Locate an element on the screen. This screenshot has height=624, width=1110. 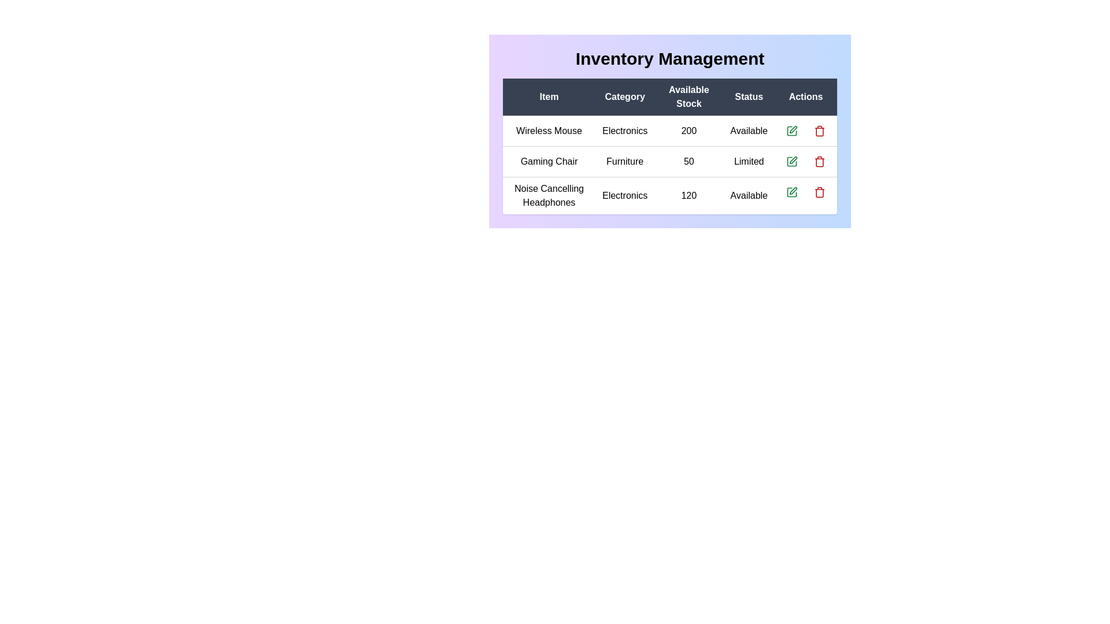
delete button for the inventory item Gaming Chair is located at coordinates (819, 162).